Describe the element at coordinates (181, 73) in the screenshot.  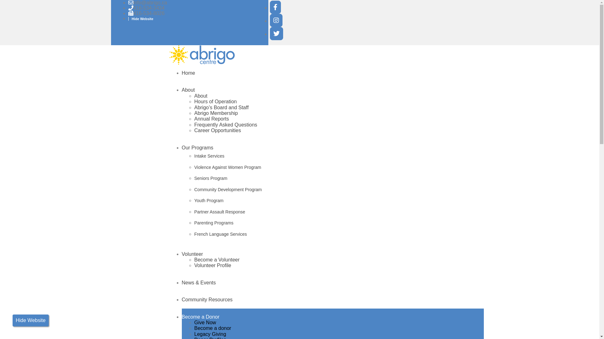
I see `'Home'` at that location.